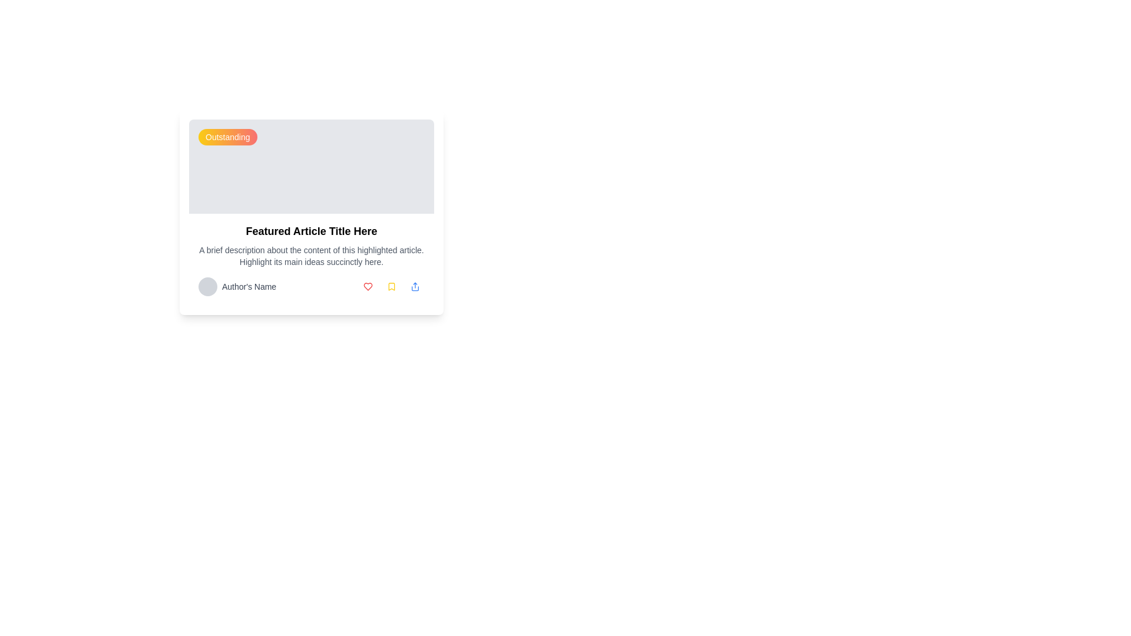 Image resolution: width=1131 pixels, height=636 pixels. Describe the element at coordinates (392, 286) in the screenshot. I see `the bookmark button, which is the second button in a sequence of three below the feature article description` at that location.